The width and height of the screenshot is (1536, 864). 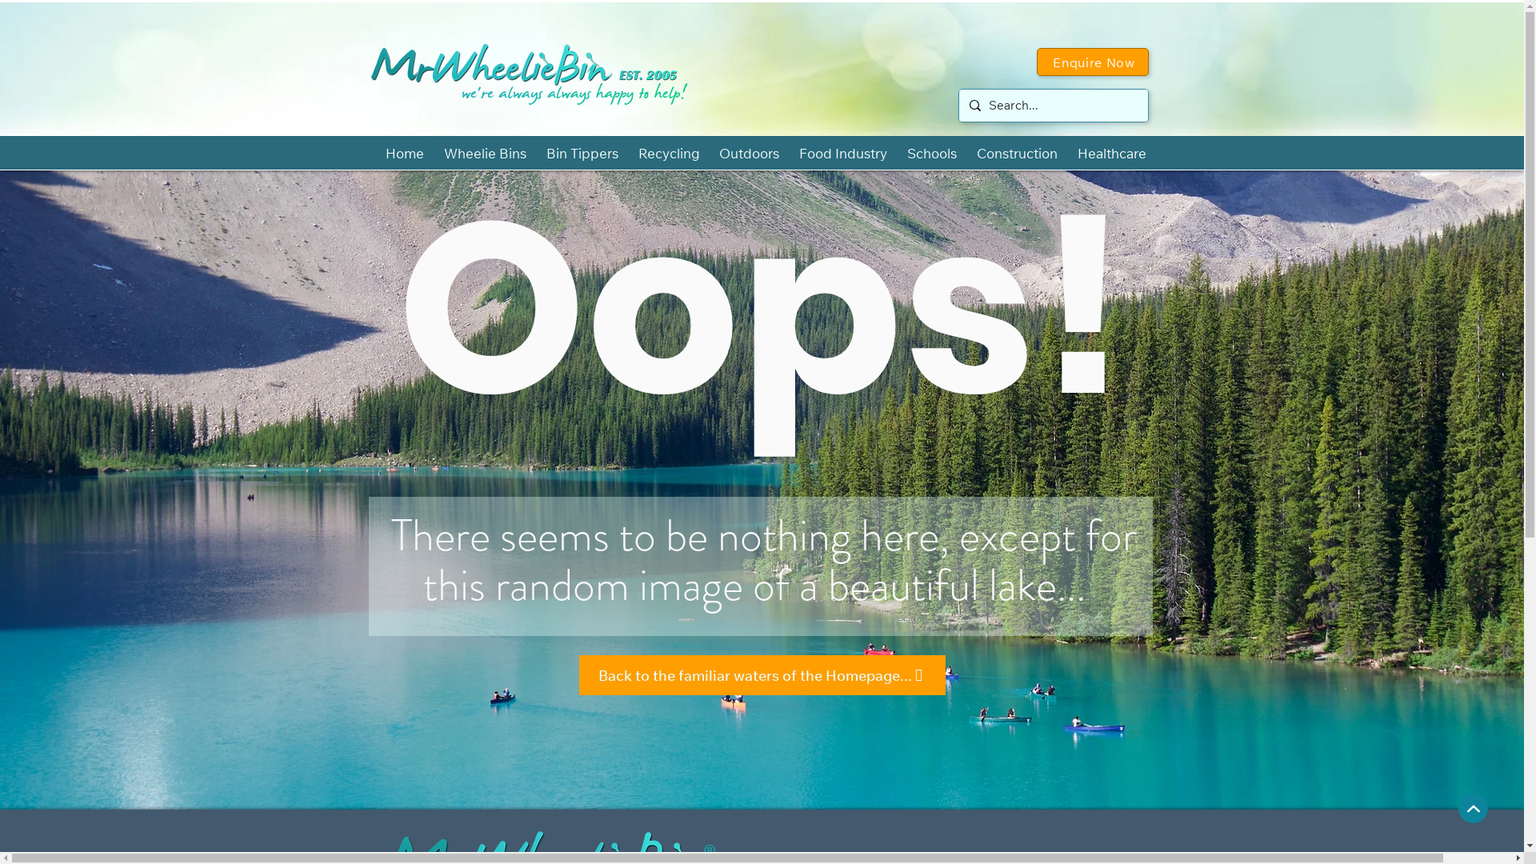 I want to click on 'Construction', so click(x=1016, y=153).